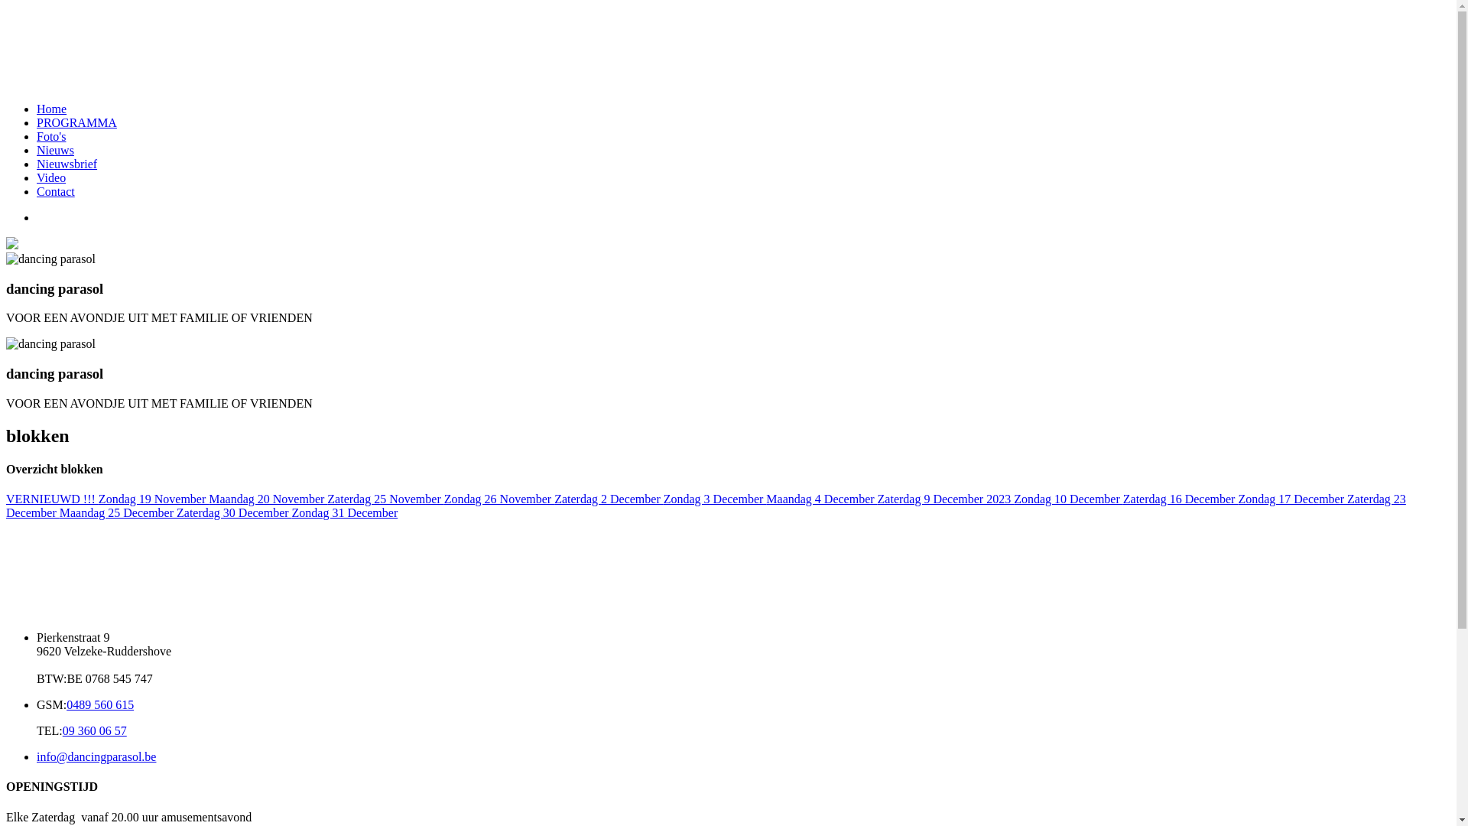  I want to click on 'Zaterdag 30 December', so click(233, 512).